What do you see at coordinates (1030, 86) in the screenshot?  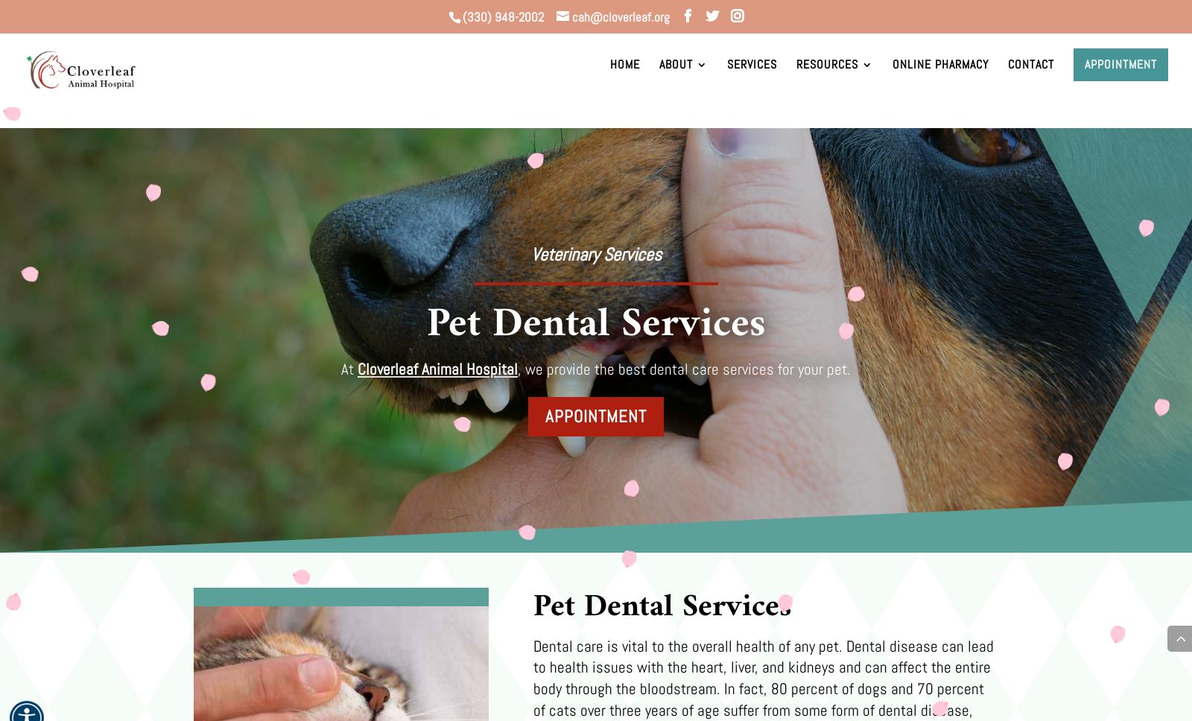 I see `'Contact'` at bounding box center [1030, 86].